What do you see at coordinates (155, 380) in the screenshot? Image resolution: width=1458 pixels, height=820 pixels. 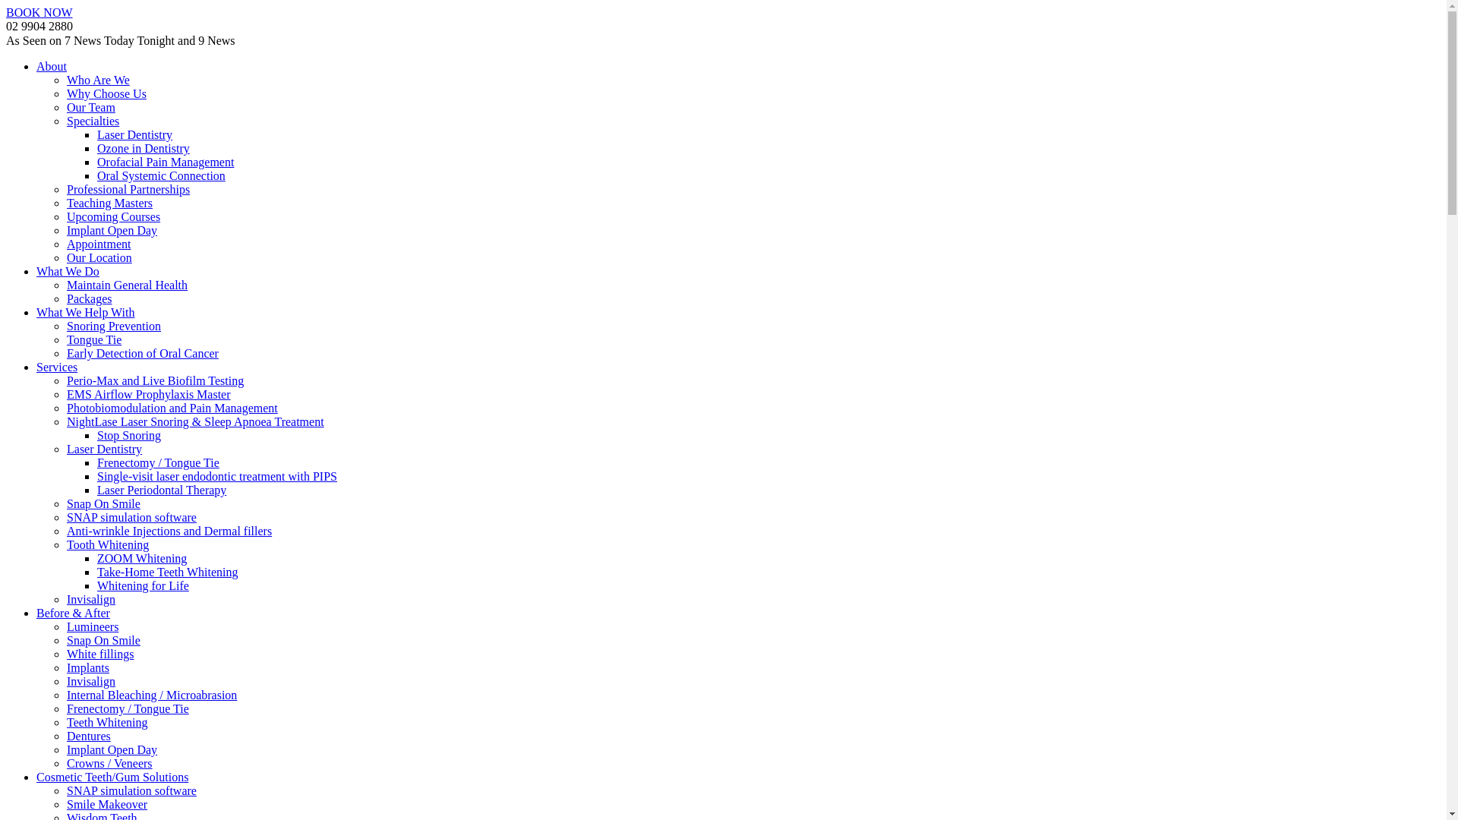 I see `'Perio-Max and Live Biofilm Testing'` at bounding box center [155, 380].